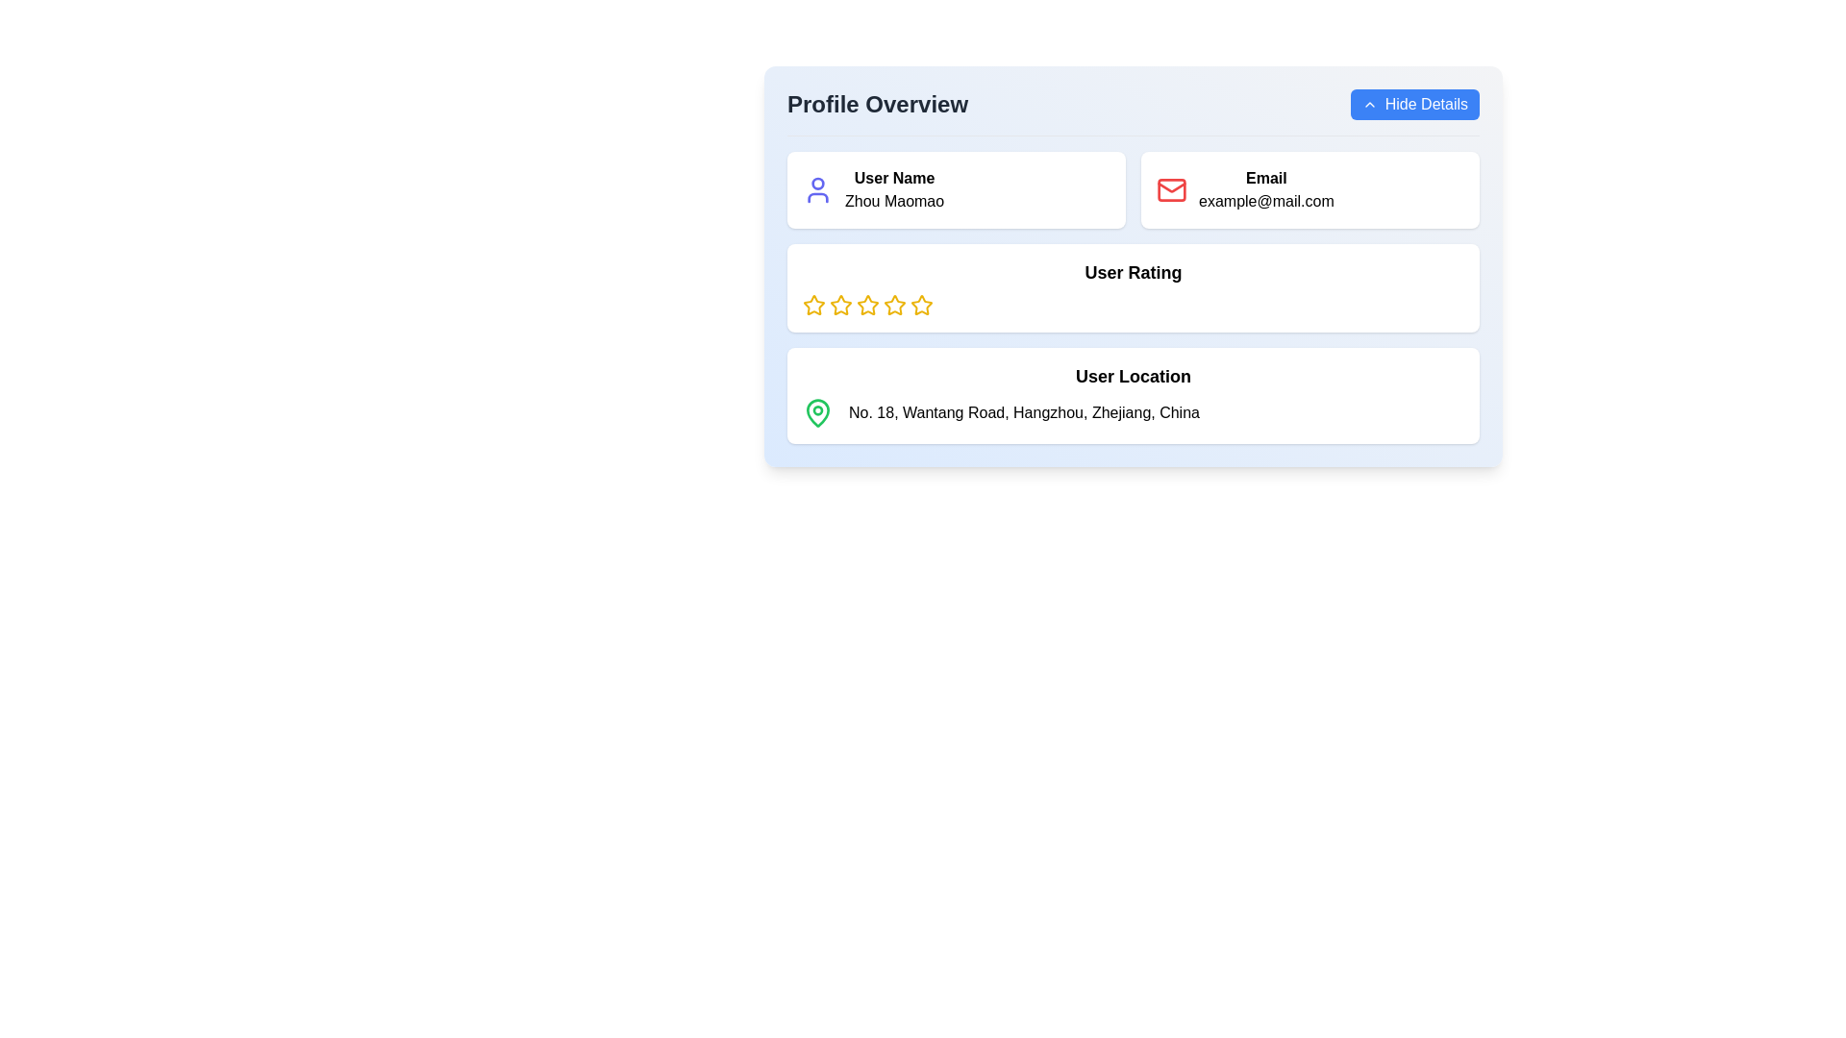 This screenshot has width=1846, height=1038. What do you see at coordinates (921, 304) in the screenshot?
I see `the fifth star icon with a yellow border and white fill in the User Rating section to change the rating` at bounding box center [921, 304].